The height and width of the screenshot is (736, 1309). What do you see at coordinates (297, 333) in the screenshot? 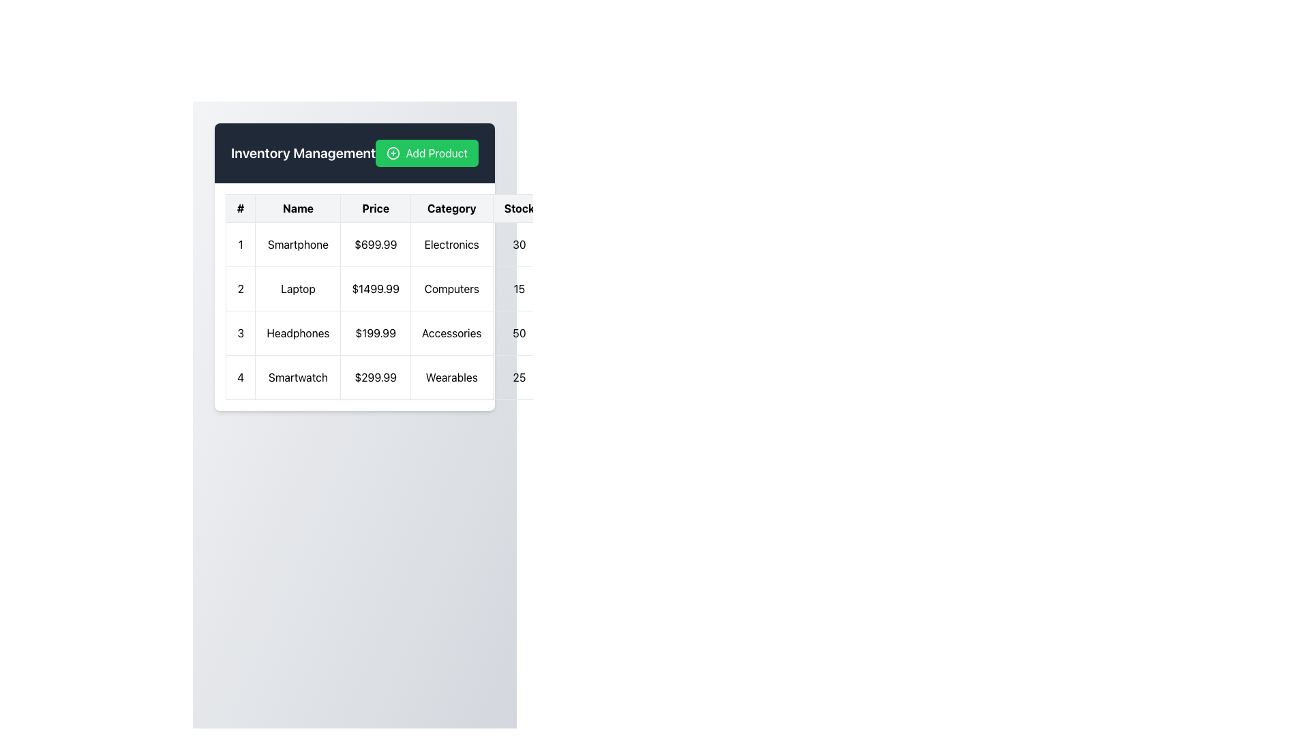
I see `the label 'Headphones' in the second column of the table, which is located in the third row, adjacent to the numeric label '3' and the price label '$199.99'` at bounding box center [297, 333].